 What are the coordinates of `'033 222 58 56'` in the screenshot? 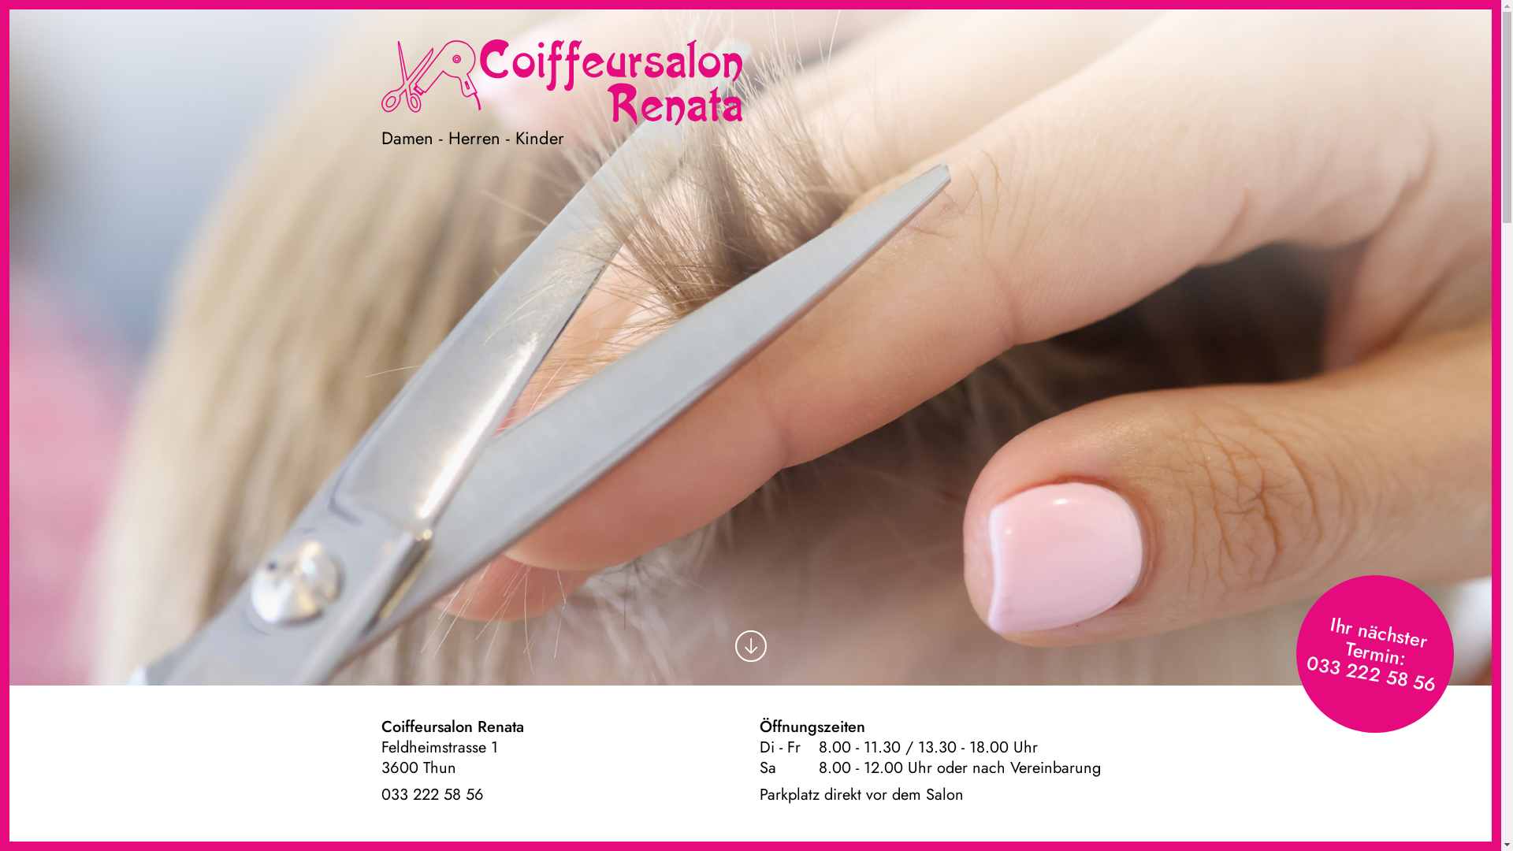 It's located at (1369, 663).